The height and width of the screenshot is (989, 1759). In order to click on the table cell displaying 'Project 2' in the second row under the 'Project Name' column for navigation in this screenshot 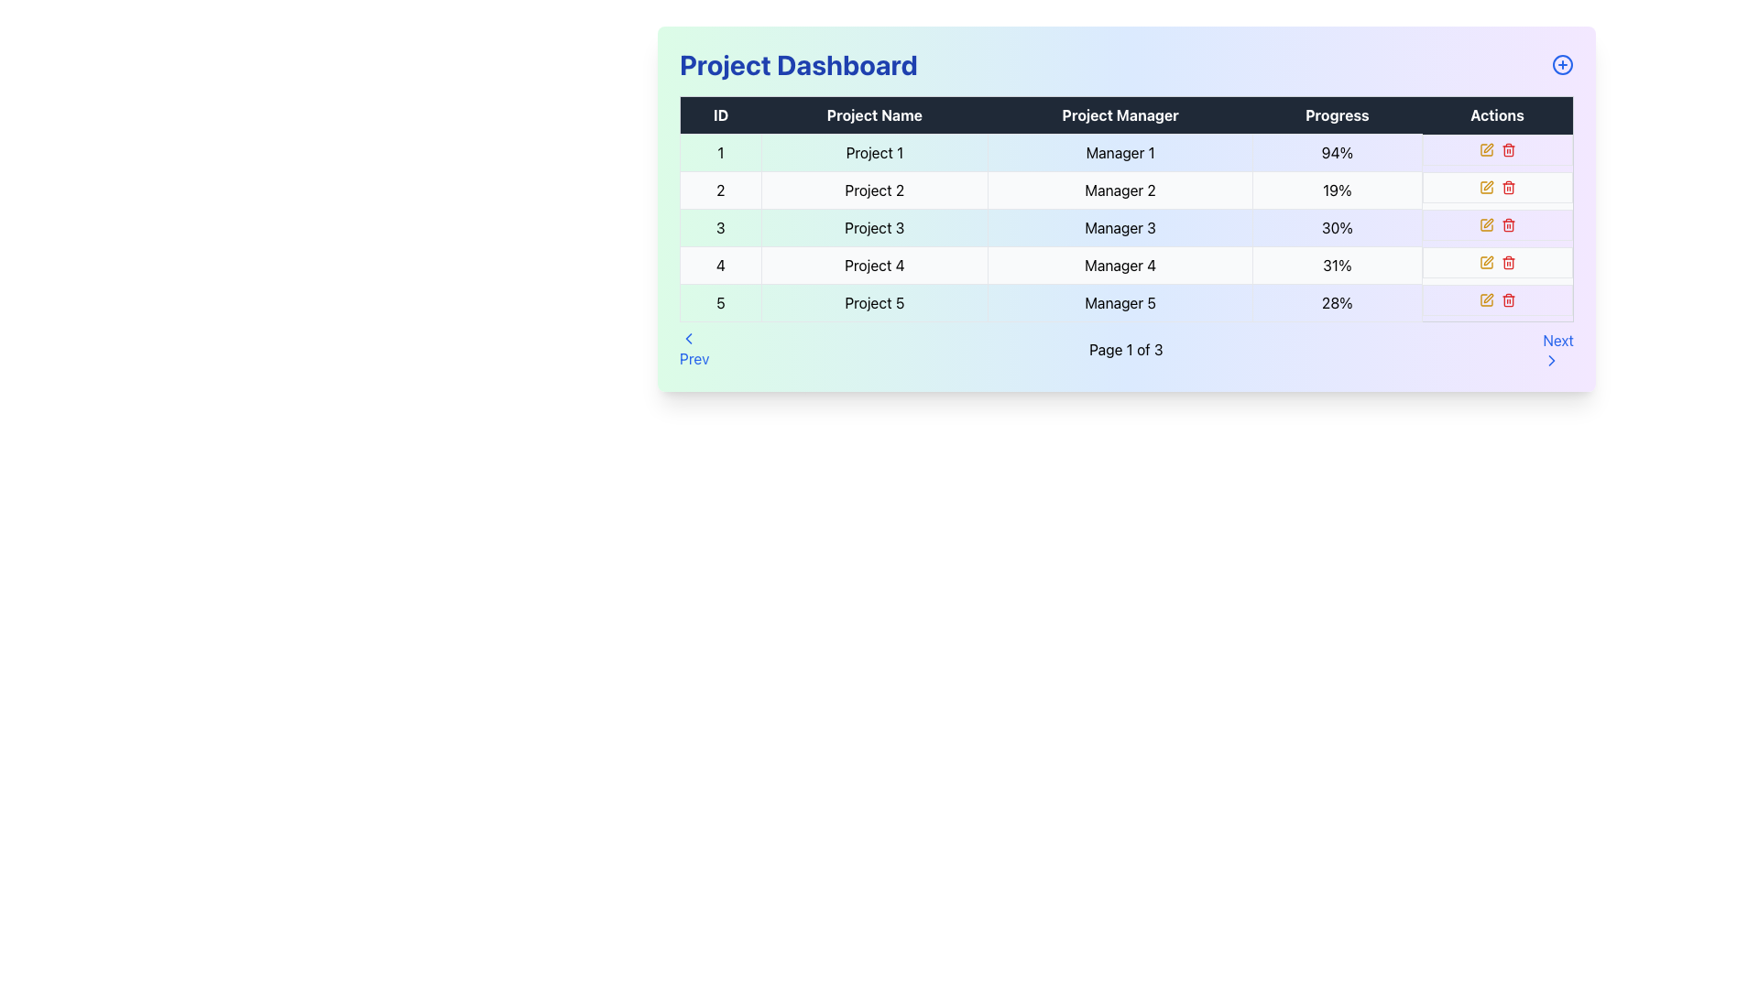, I will do `click(873, 190)`.